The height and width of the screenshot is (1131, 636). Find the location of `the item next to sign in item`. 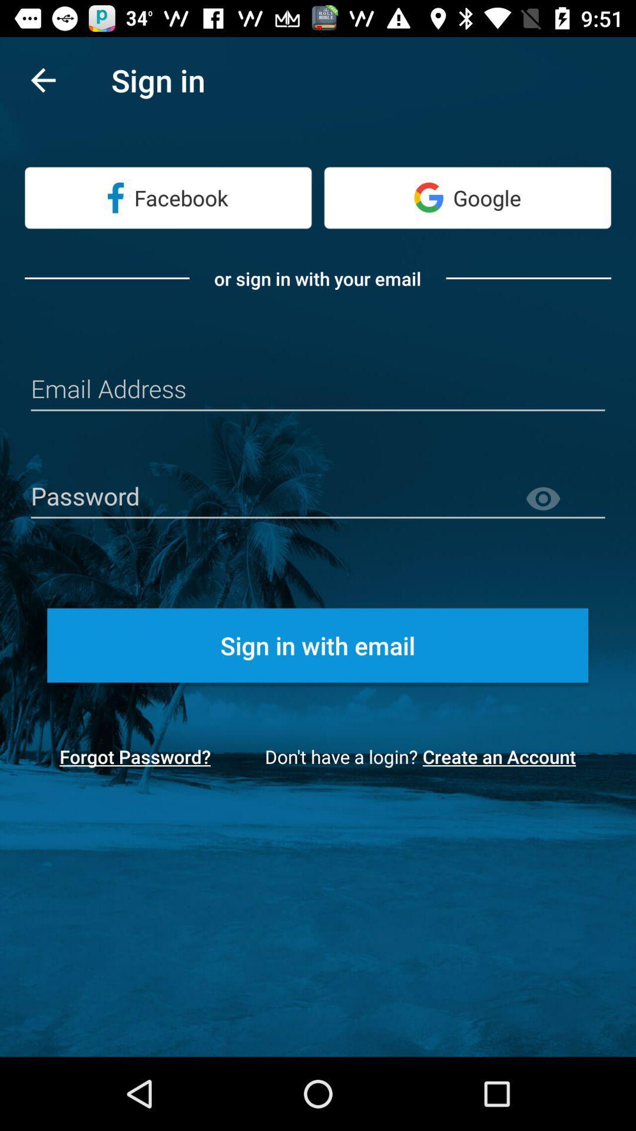

the item next to sign in item is located at coordinates (42, 80).